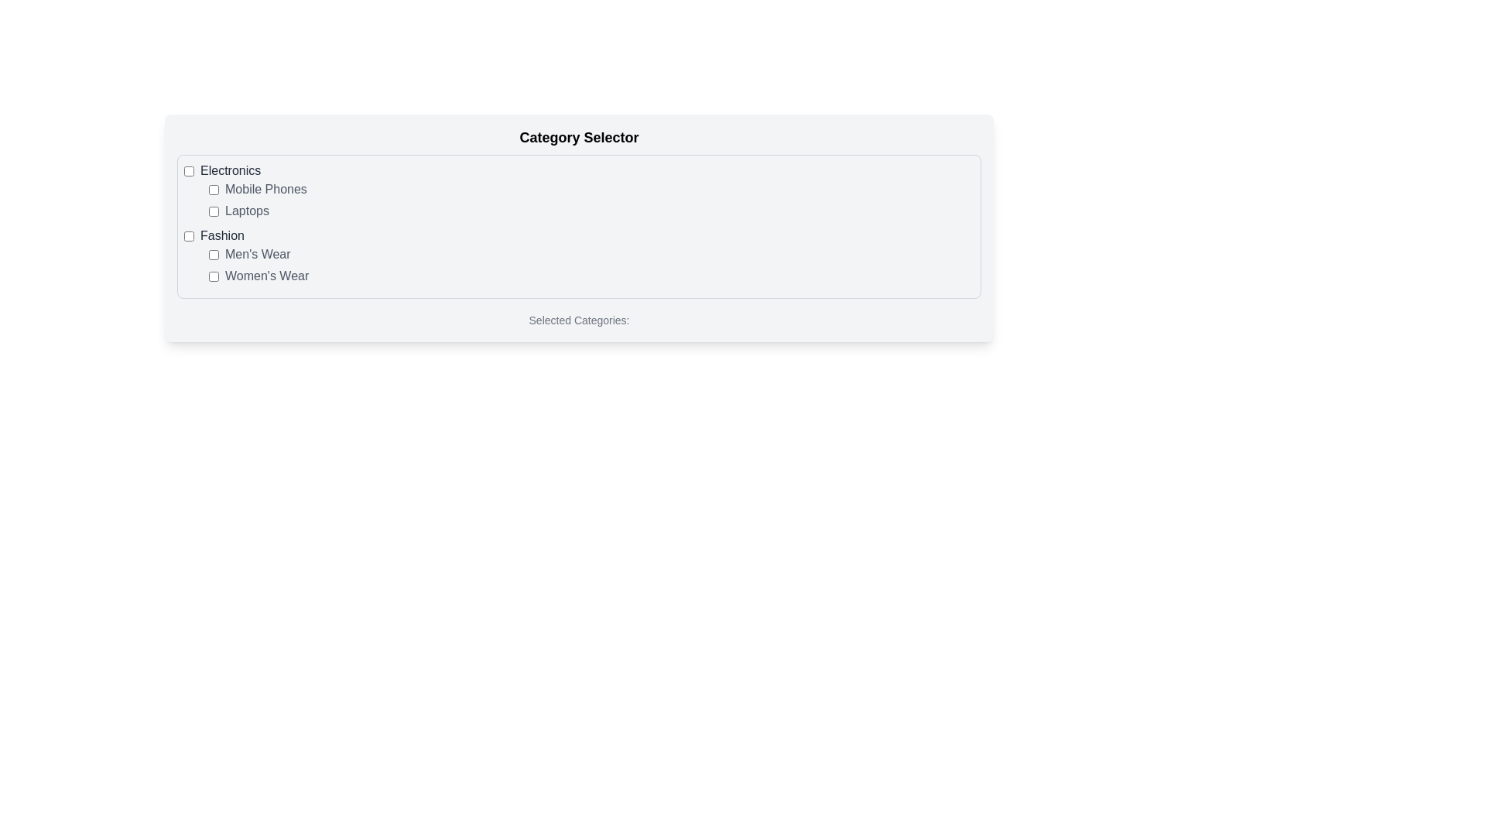  I want to click on text label displaying 'Electronics' which is associated with the first checkbox in the 'Category Selector' form, so click(230, 170).